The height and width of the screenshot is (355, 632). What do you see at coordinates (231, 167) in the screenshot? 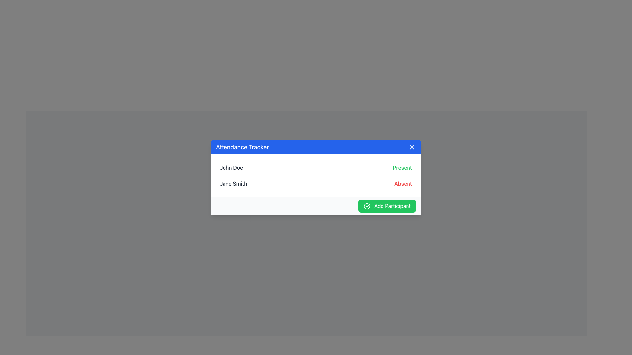
I see `the text label 'John Doe' in the attendance tracker` at bounding box center [231, 167].